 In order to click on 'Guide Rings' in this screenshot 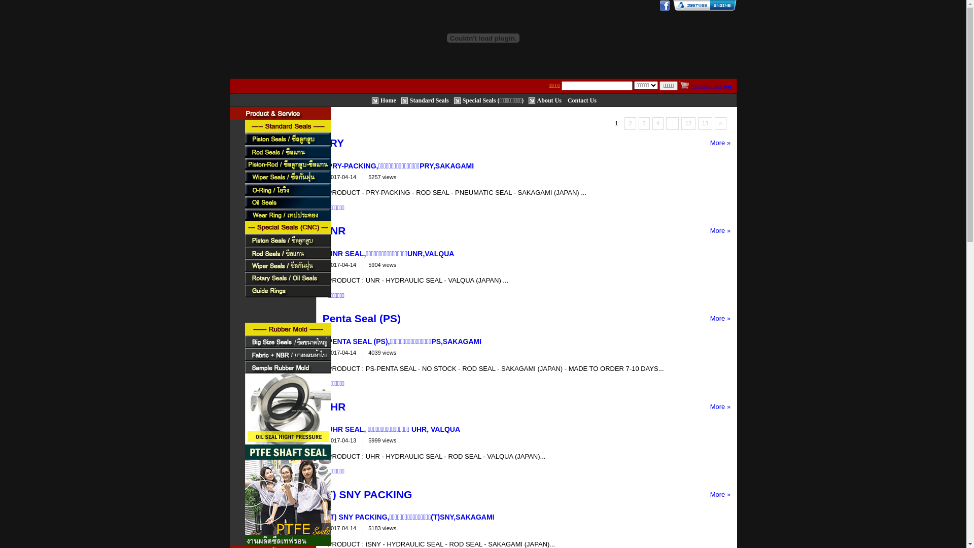, I will do `click(287, 291)`.